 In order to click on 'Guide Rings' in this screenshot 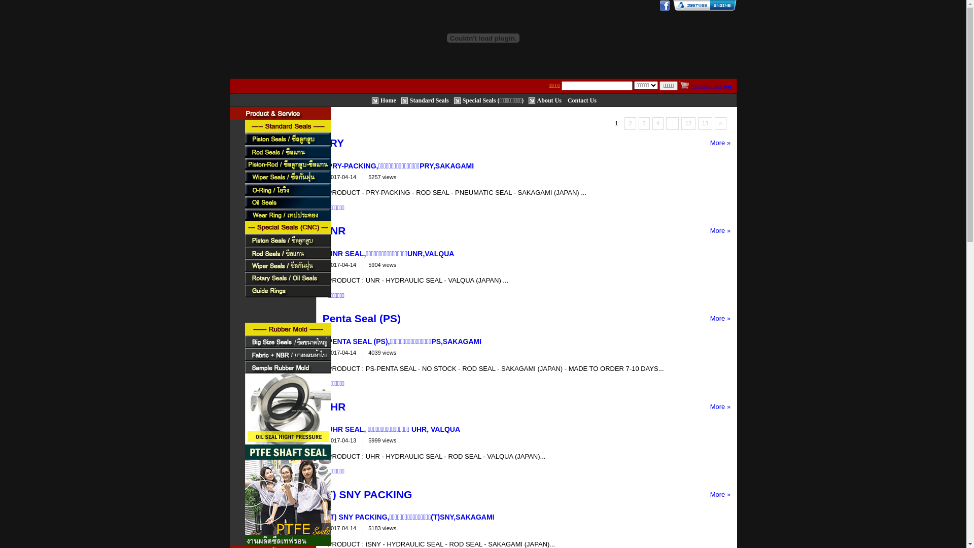, I will do `click(287, 291)`.